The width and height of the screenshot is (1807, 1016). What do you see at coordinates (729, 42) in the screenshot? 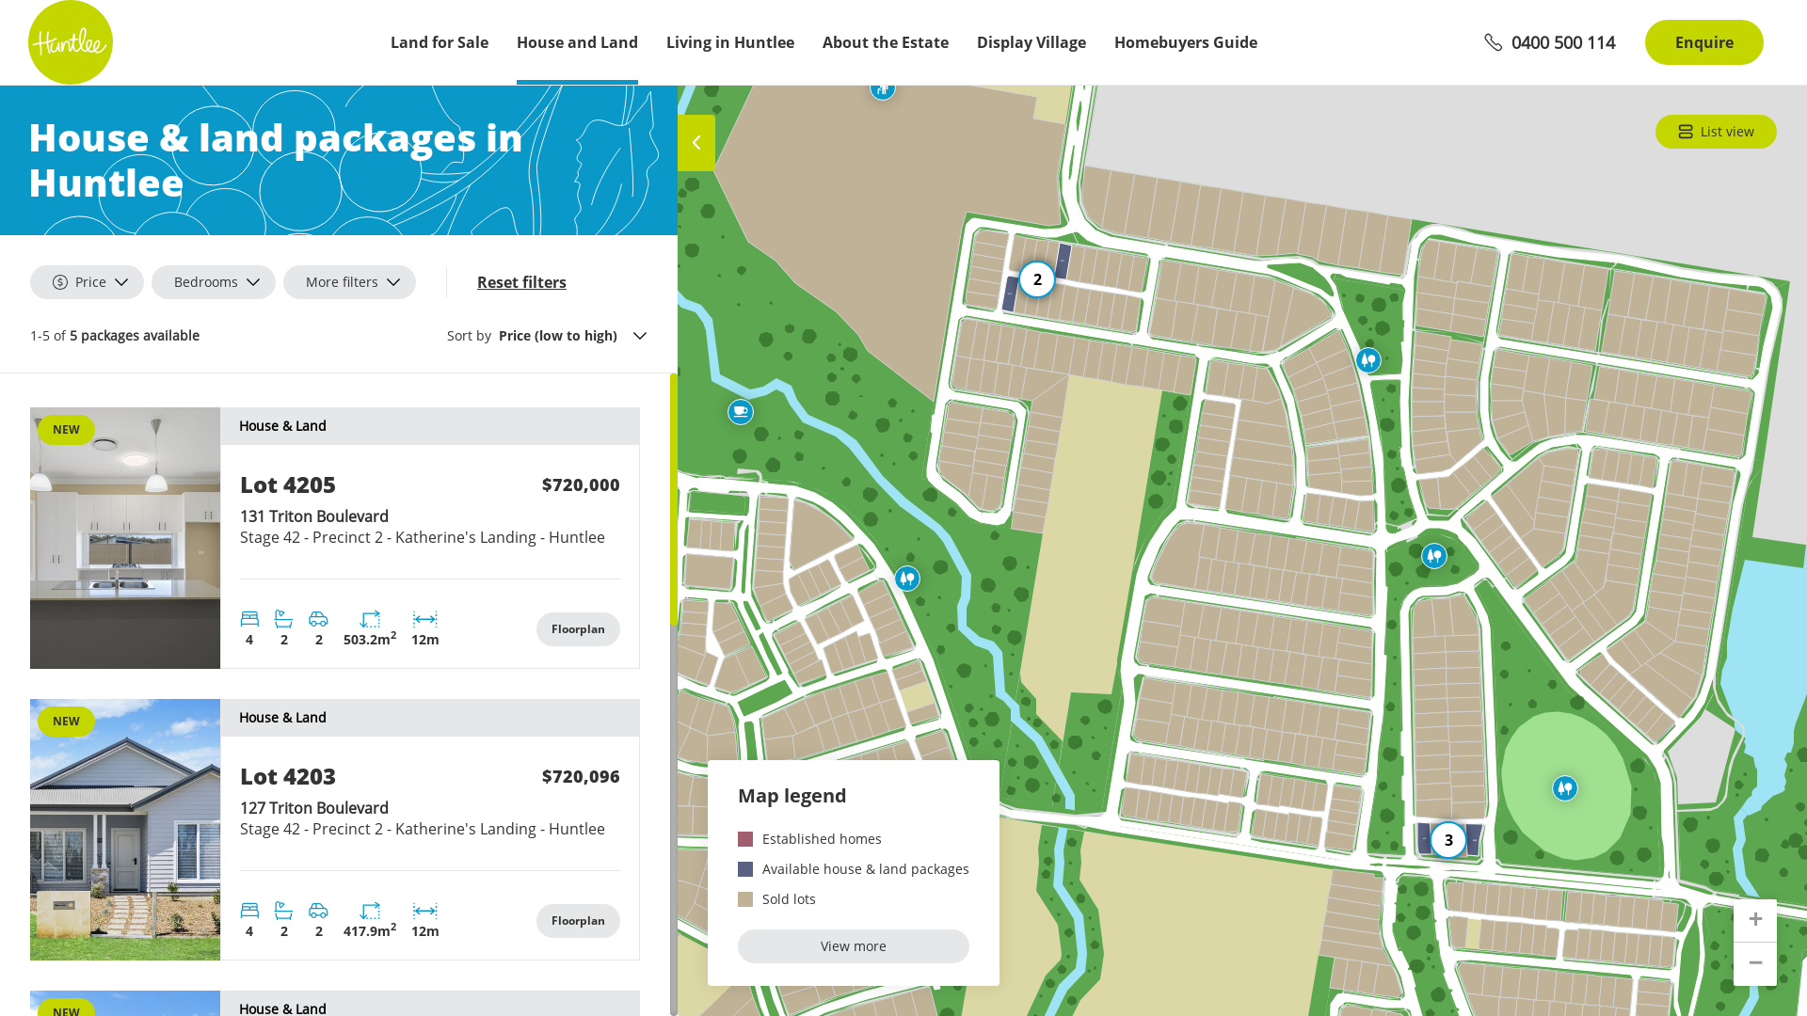
I see `'Living in Huntlee'` at bounding box center [729, 42].